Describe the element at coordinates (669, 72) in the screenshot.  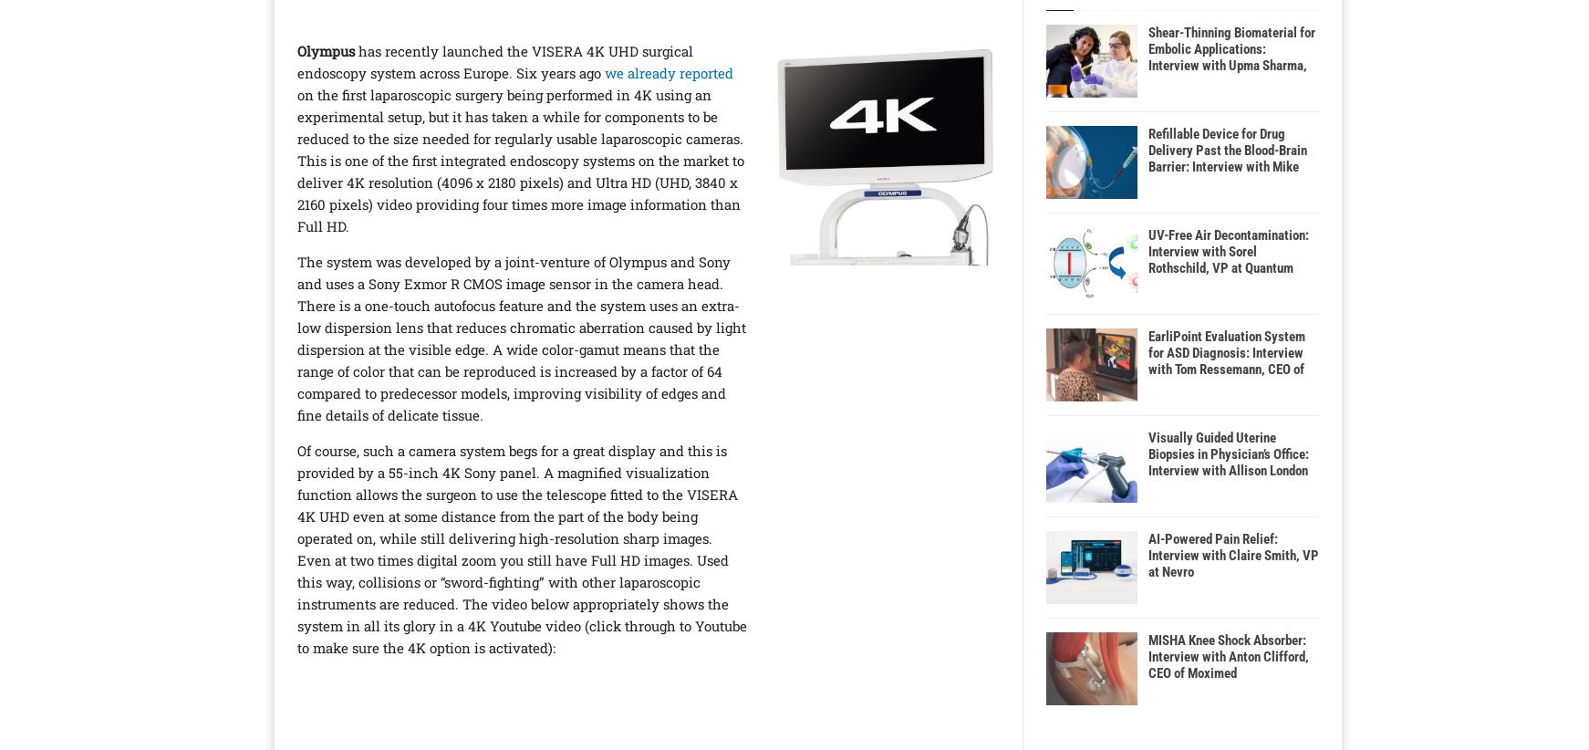
I see `'we already reported'` at that location.